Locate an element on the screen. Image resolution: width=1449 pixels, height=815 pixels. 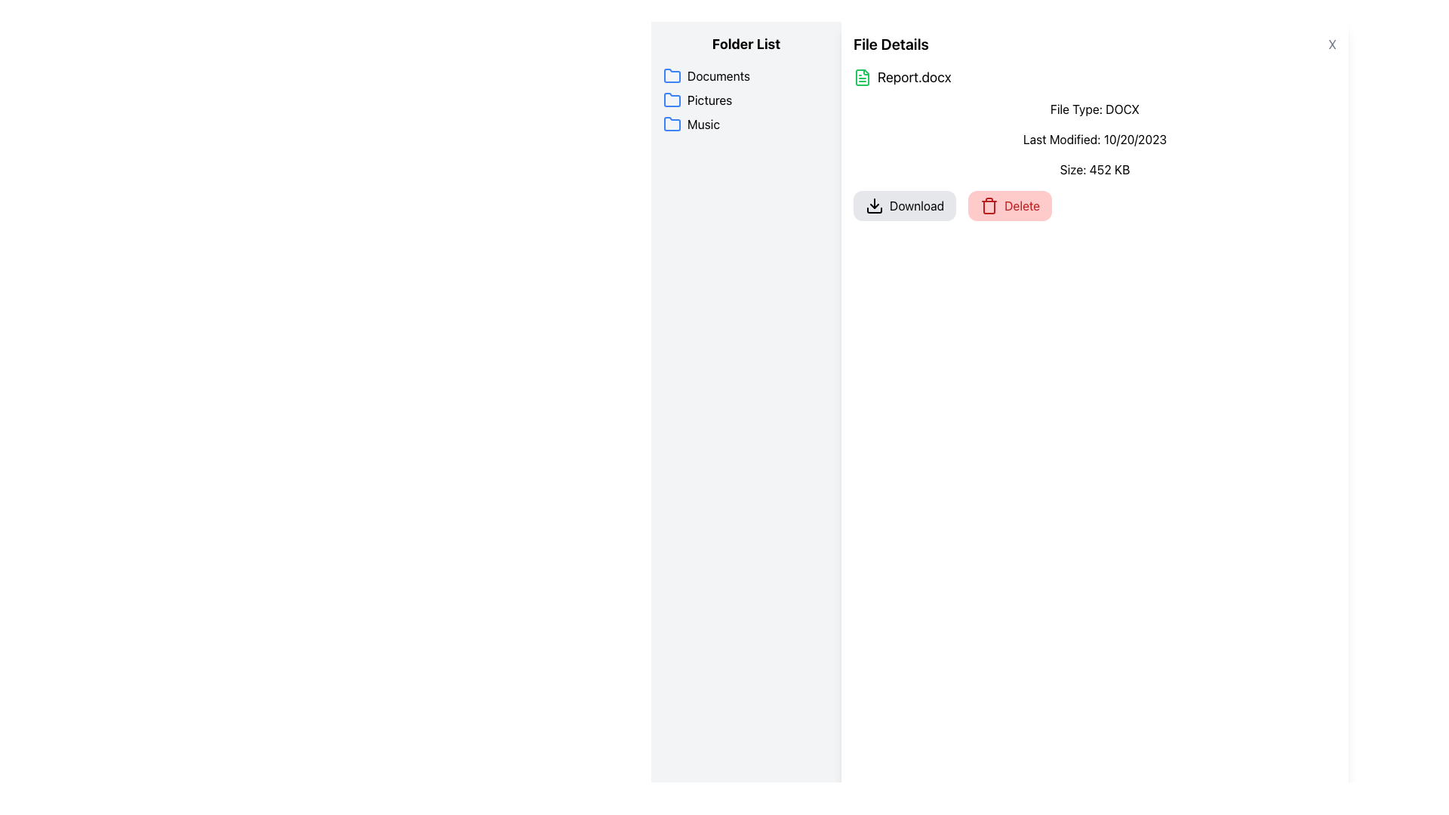
the document file icon located in the File Details column, specifically to the left of the file name 'Report.docx' is located at coordinates (862, 78).